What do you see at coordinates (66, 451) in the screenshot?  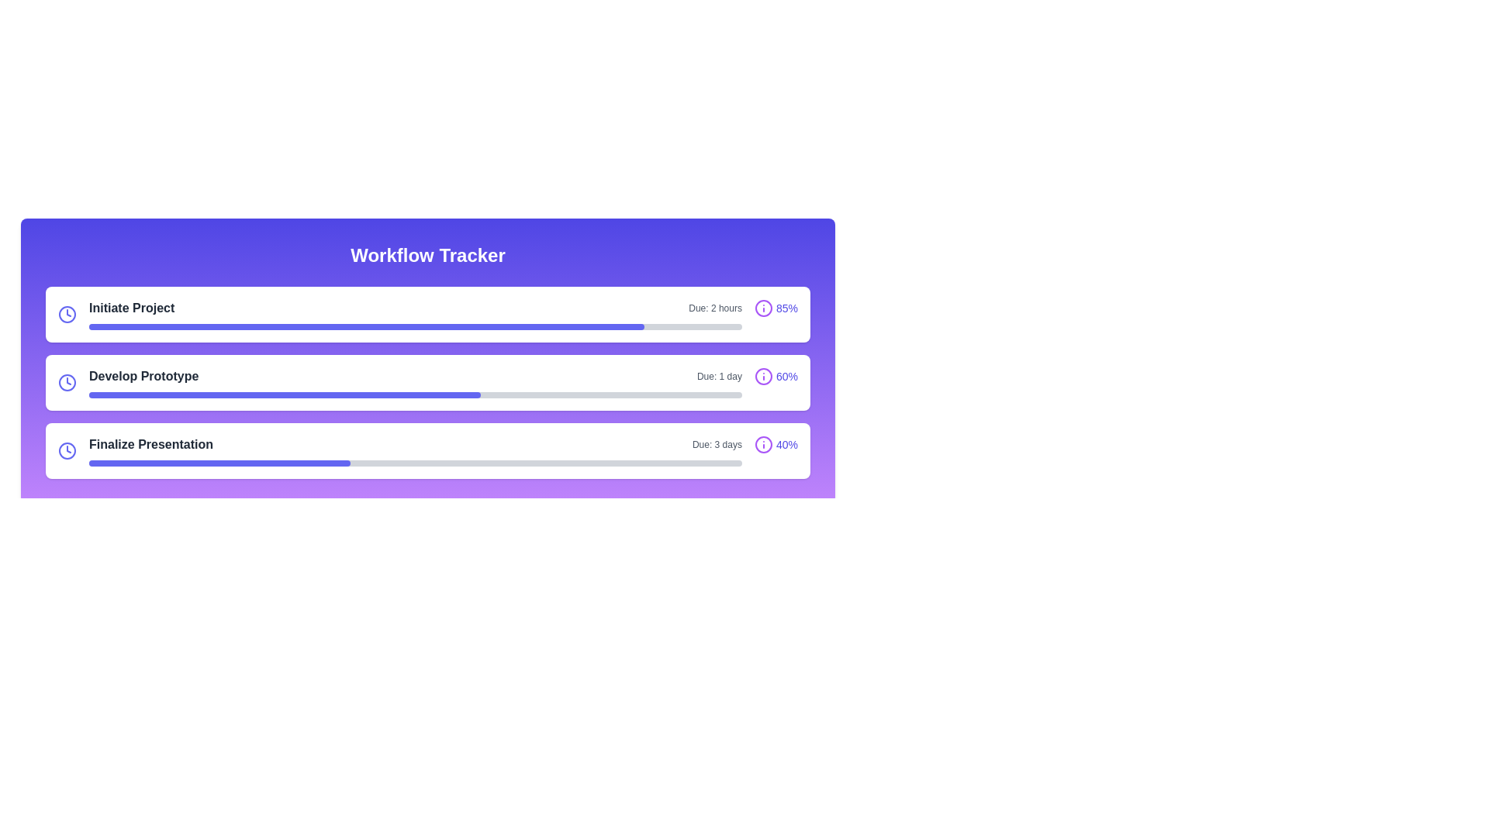 I see `the SVG circle element that serves as the main center of the clock icon within the 'Finalize Presentation' section` at bounding box center [66, 451].